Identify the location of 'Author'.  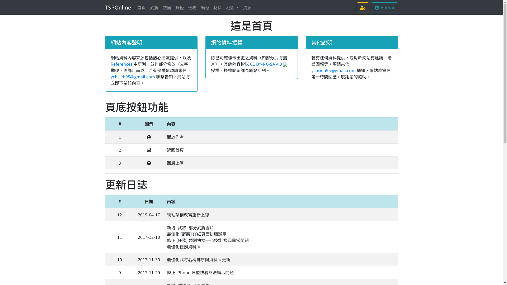
(371, 7).